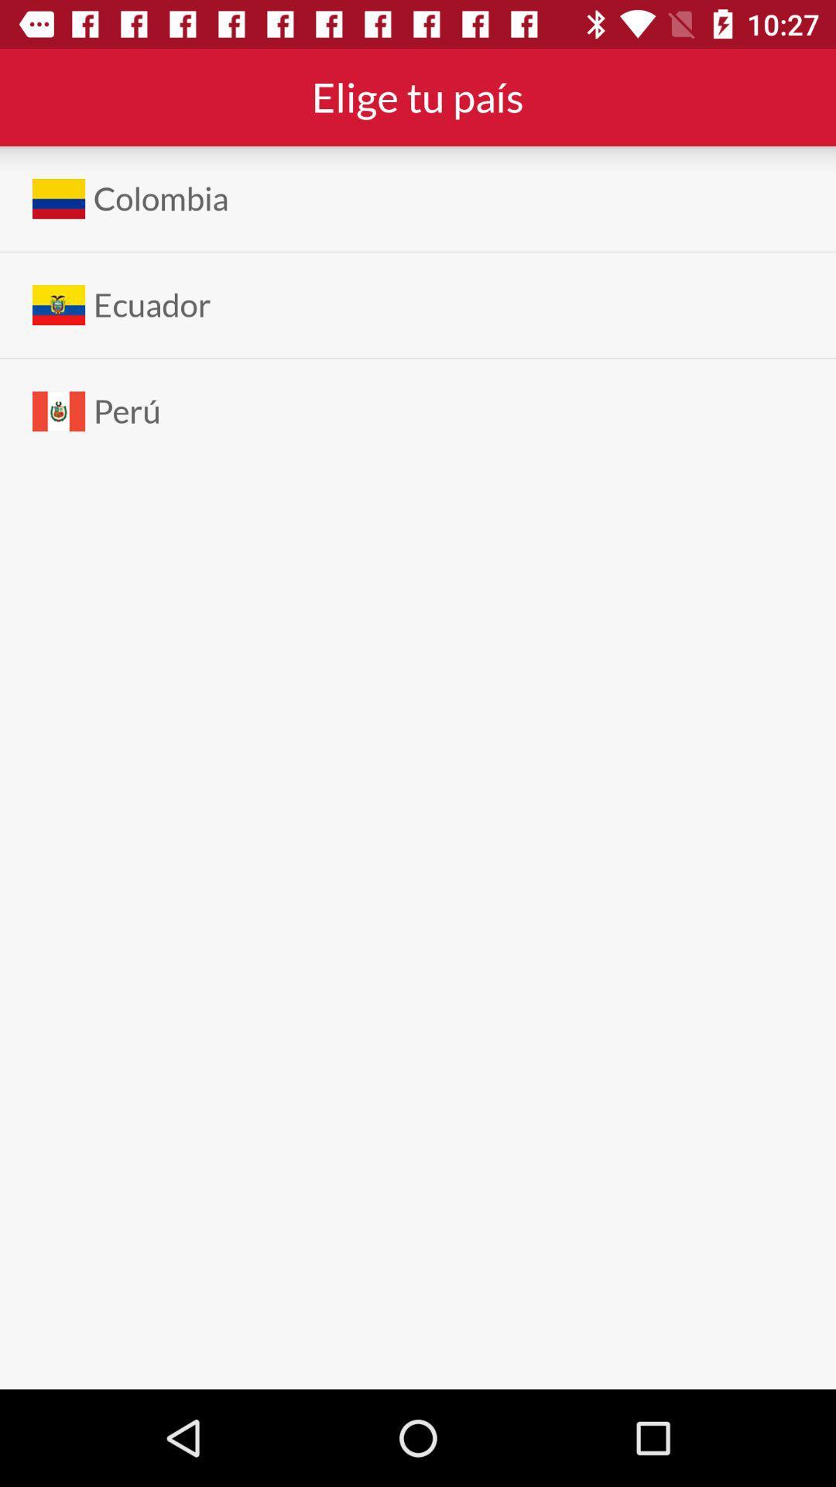  I want to click on the colombia item, so click(161, 197).